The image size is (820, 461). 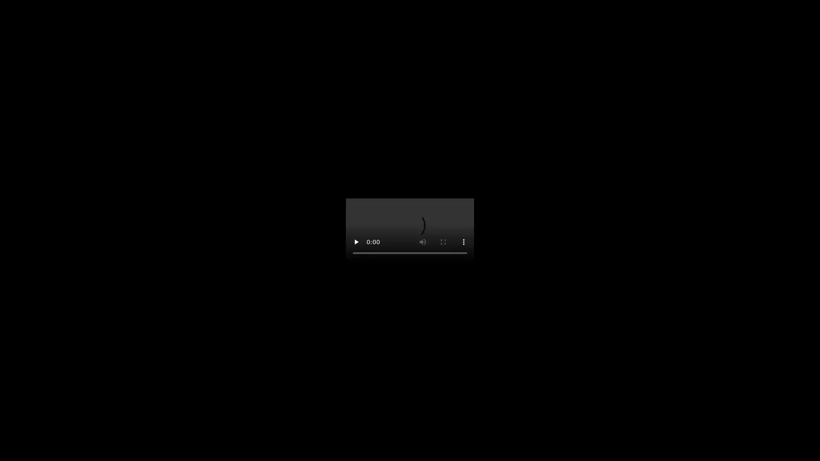 What do you see at coordinates (443, 242) in the screenshot?
I see `enter full screen` at bounding box center [443, 242].